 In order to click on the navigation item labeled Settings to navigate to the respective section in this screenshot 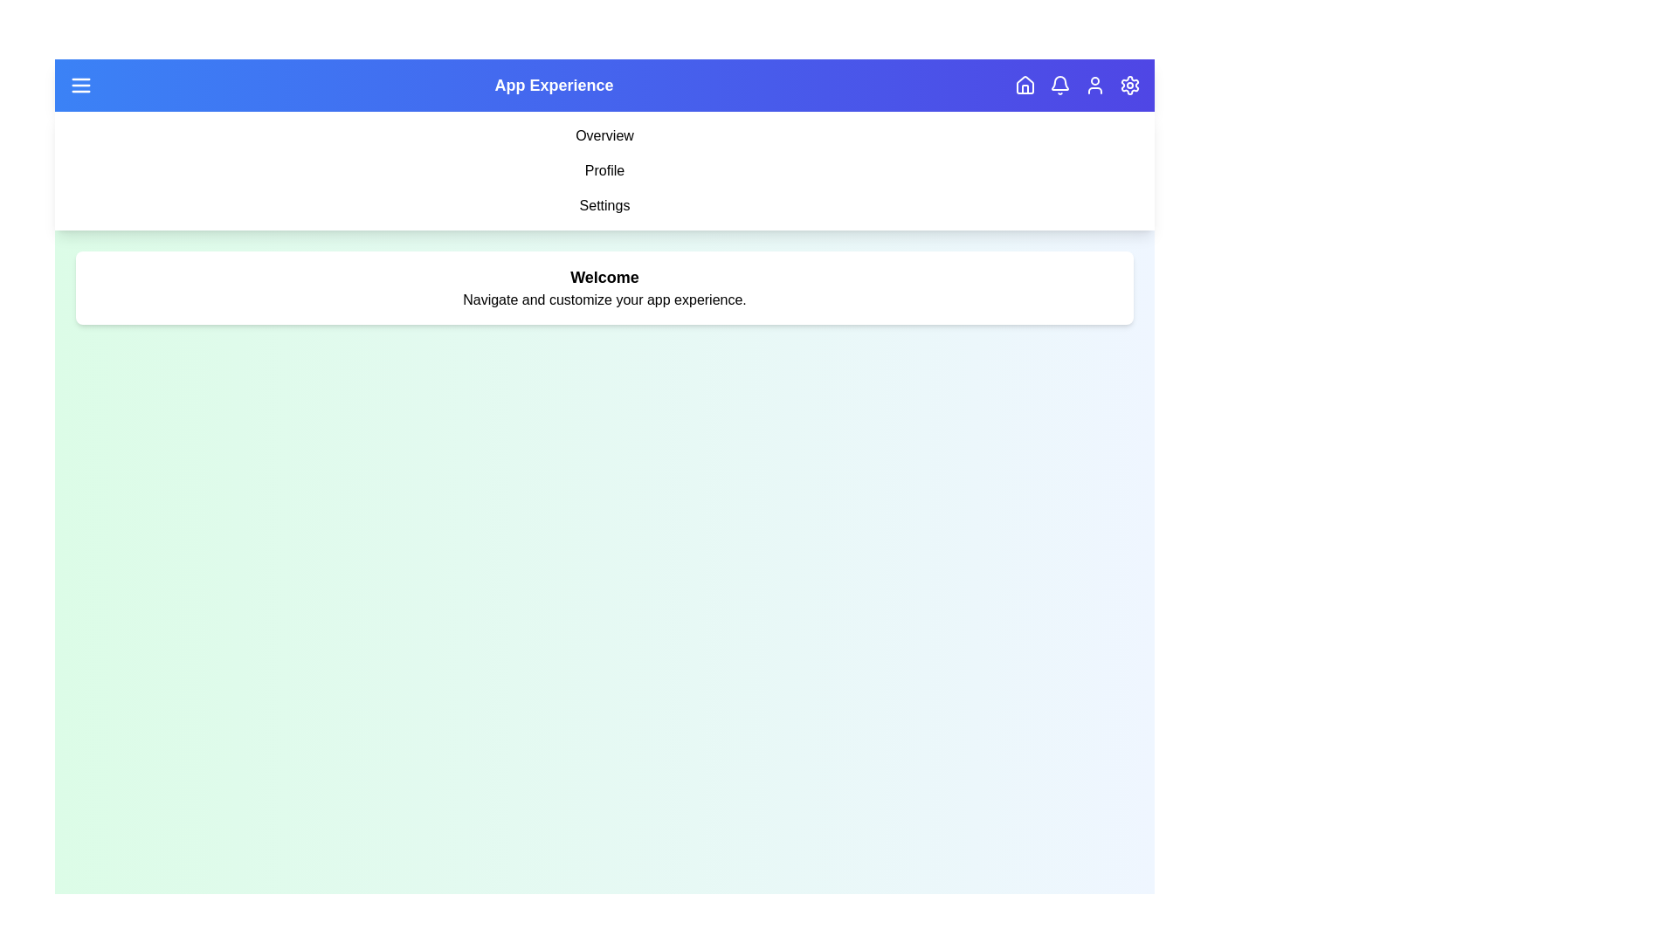, I will do `click(604, 204)`.